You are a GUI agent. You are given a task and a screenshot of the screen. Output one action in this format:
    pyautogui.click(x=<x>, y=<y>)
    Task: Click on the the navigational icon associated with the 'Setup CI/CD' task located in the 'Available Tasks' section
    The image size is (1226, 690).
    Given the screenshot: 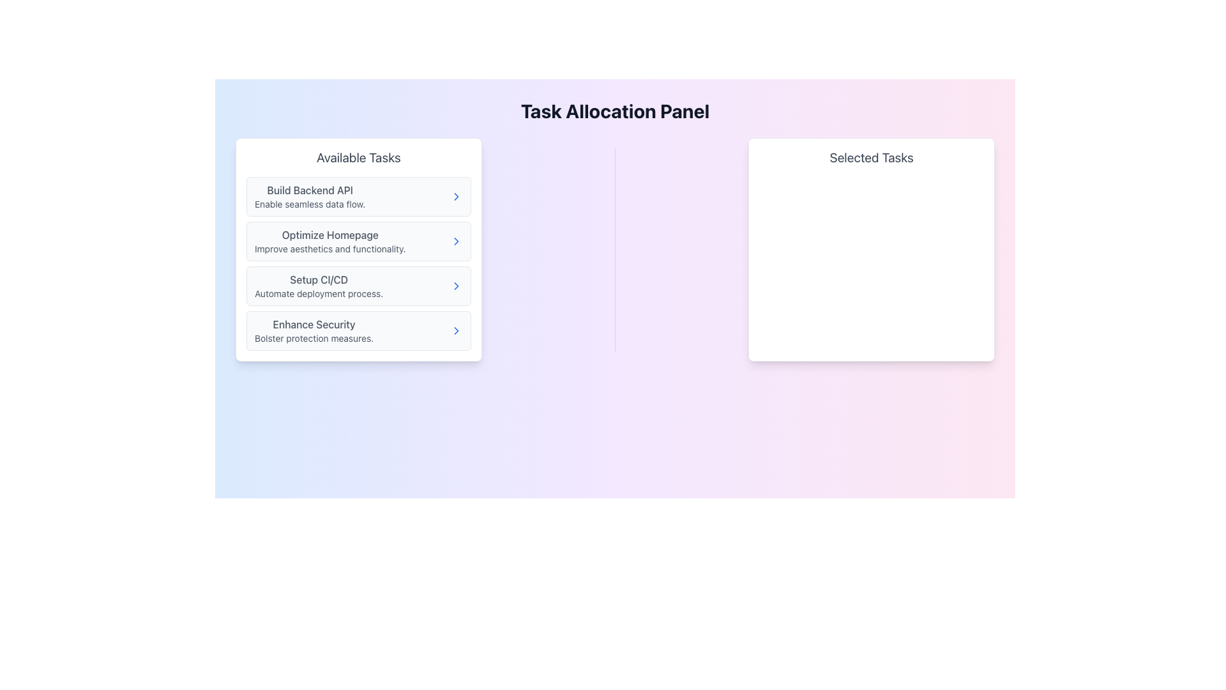 What is the action you would take?
    pyautogui.click(x=456, y=285)
    